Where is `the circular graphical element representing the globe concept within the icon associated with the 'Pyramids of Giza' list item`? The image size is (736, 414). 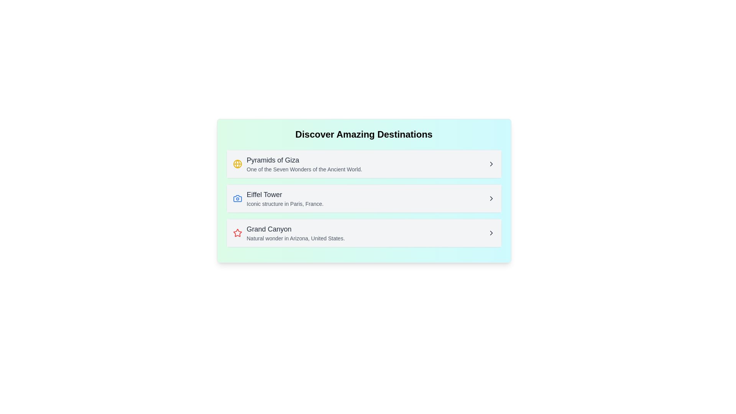 the circular graphical element representing the globe concept within the icon associated with the 'Pyramids of Giza' list item is located at coordinates (237, 164).